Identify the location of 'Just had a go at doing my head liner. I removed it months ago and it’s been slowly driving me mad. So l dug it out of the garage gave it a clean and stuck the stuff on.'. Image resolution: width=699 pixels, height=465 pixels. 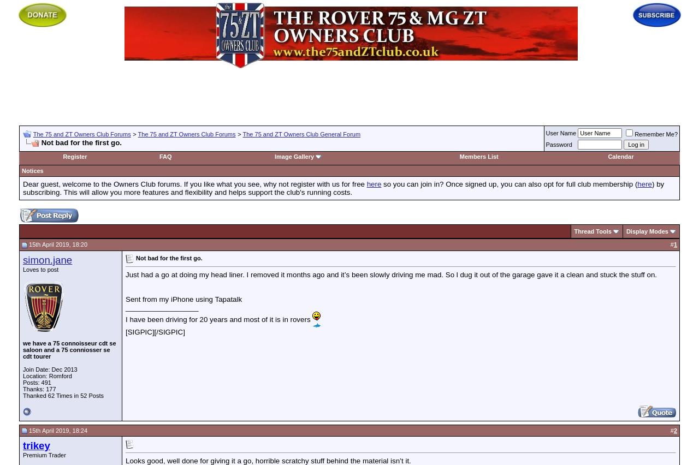
(391, 273).